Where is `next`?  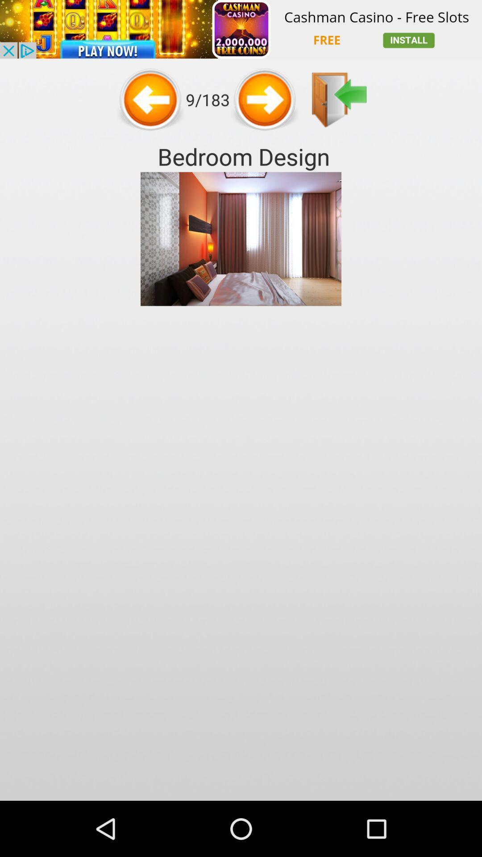
next is located at coordinates (265, 100).